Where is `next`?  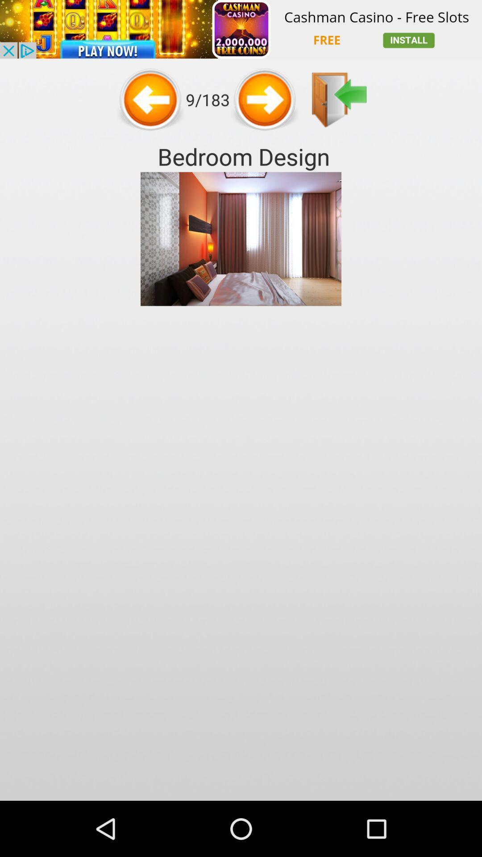
next is located at coordinates (265, 100).